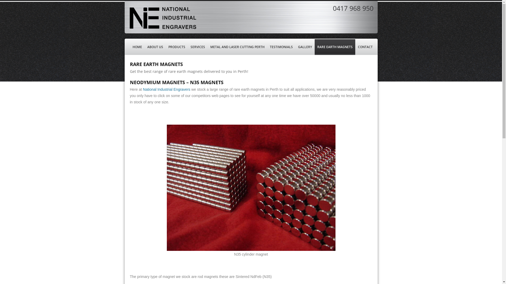 Image resolution: width=506 pixels, height=284 pixels. What do you see at coordinates (137, 47) in the screenshot?
I see `'HOME'` at bounding box center [137, 47].